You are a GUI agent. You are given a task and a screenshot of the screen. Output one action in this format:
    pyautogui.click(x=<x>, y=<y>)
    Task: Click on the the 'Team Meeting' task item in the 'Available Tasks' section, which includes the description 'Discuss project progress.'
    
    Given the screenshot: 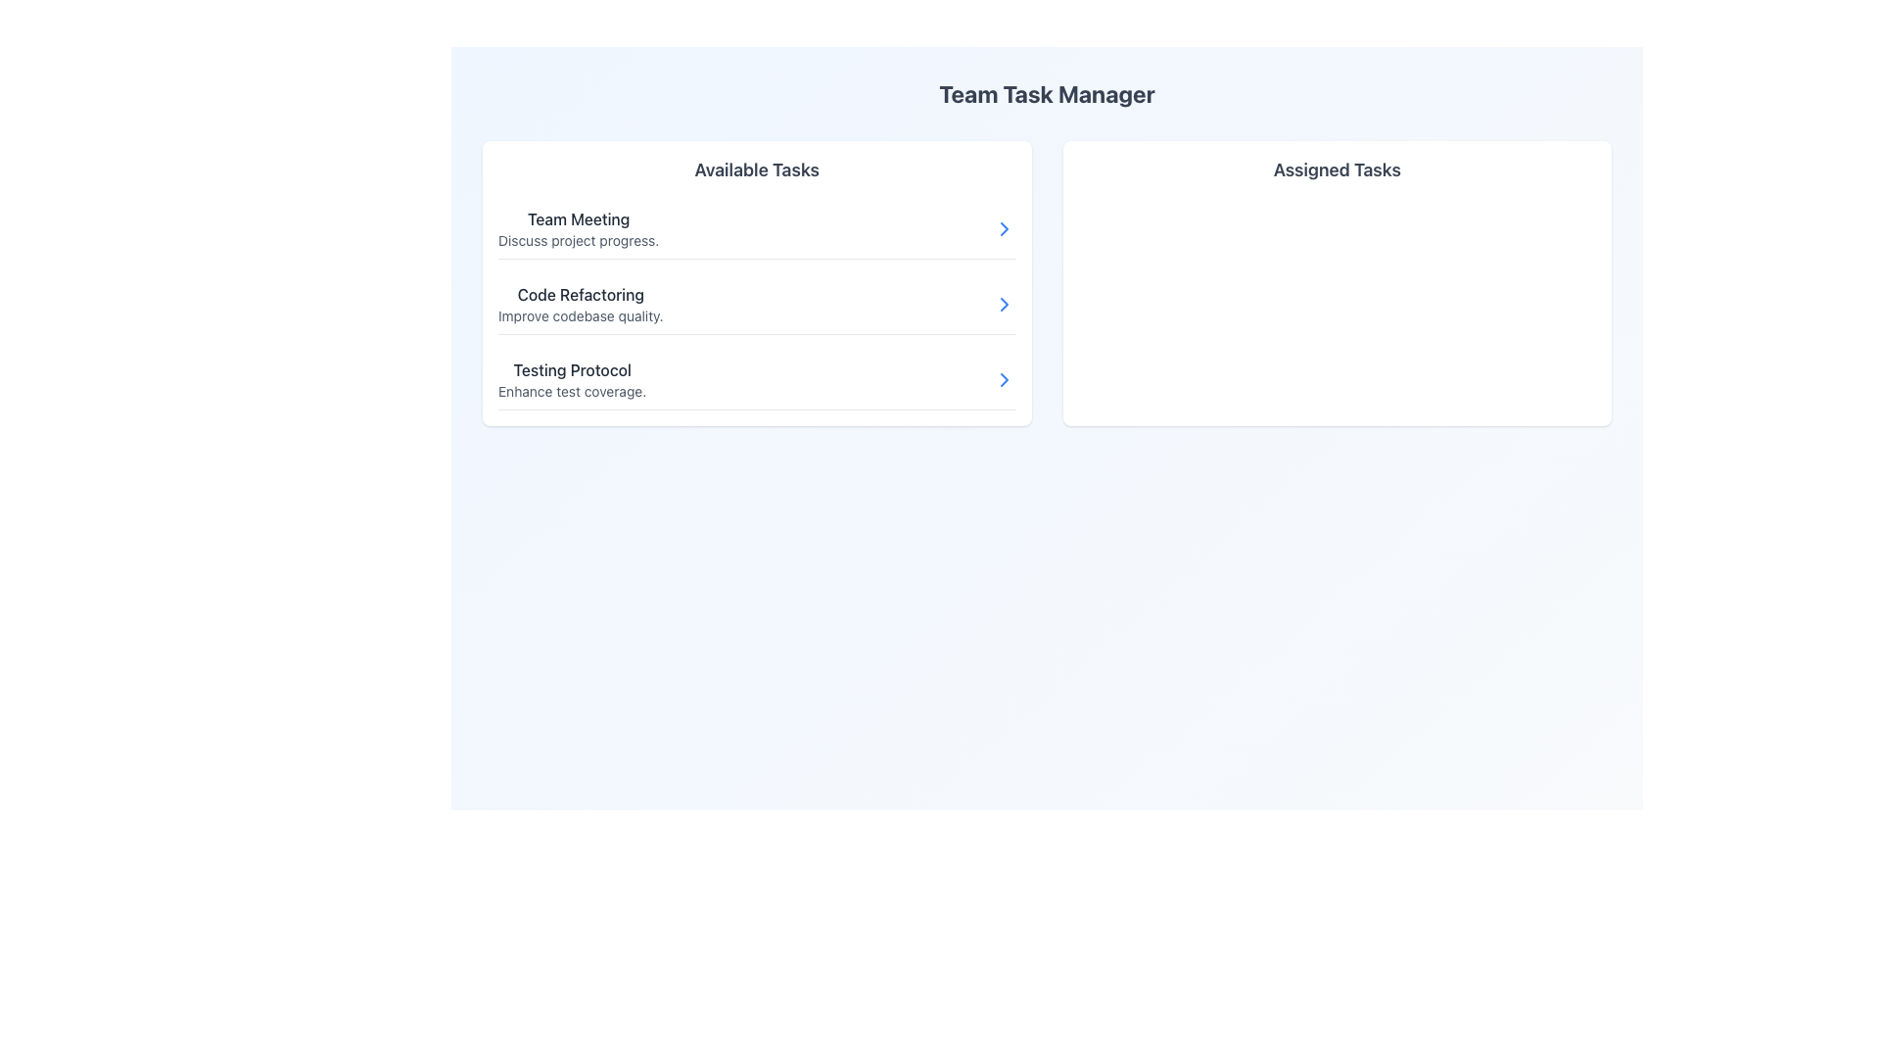 What is the action you would take?
    pyautogui.click(x=578, y=228)
    